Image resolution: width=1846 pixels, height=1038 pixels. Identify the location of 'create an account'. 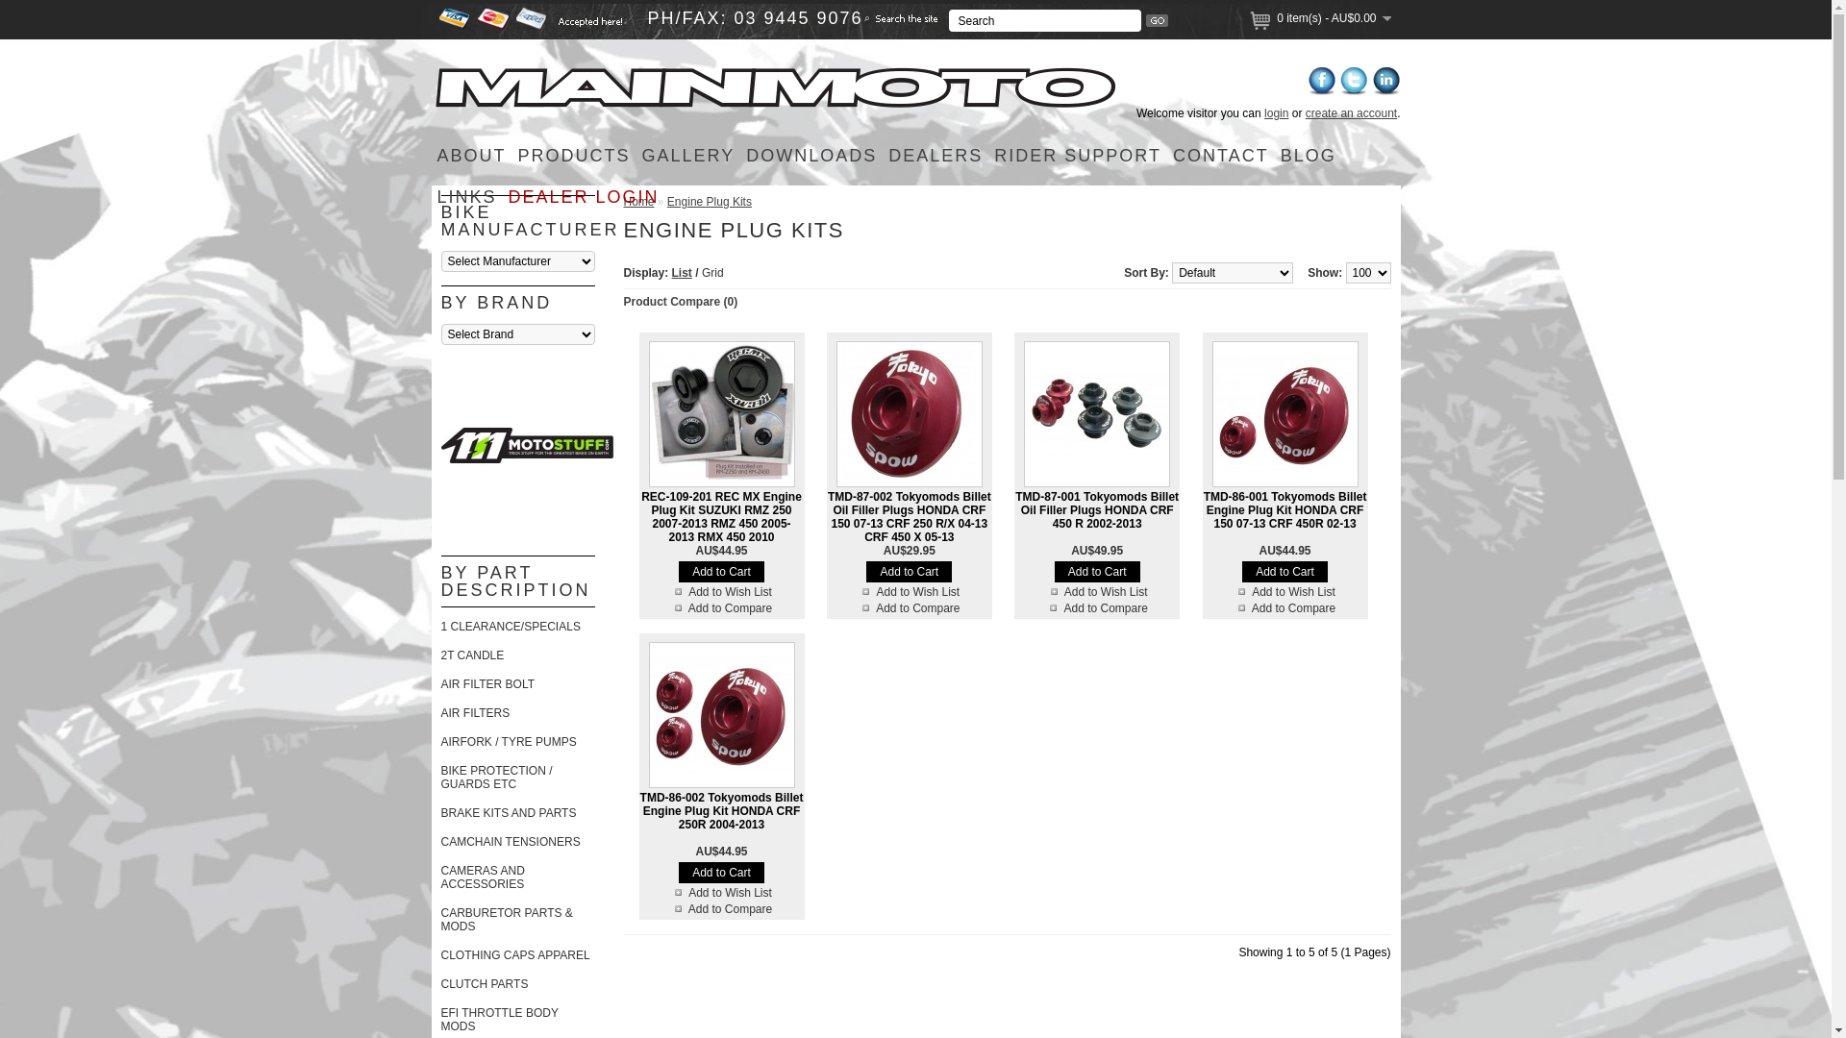
(1306, 113).